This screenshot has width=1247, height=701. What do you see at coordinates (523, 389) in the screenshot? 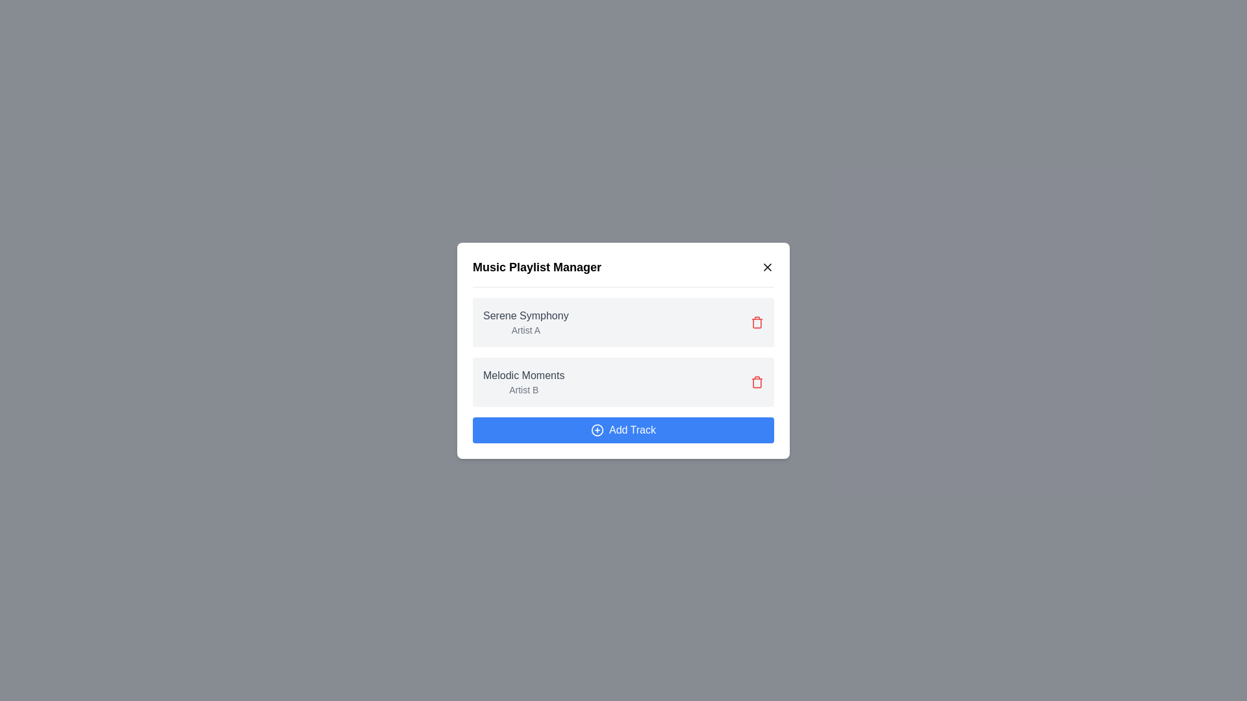
I see `the static text label reading 'Artist B', which is styled in a smaller font size and lighter gray color, located below 'Melodic Moments' in the second playlist entry of the 'Music Playlist Manager' modal` at bounding box center [523, 389].